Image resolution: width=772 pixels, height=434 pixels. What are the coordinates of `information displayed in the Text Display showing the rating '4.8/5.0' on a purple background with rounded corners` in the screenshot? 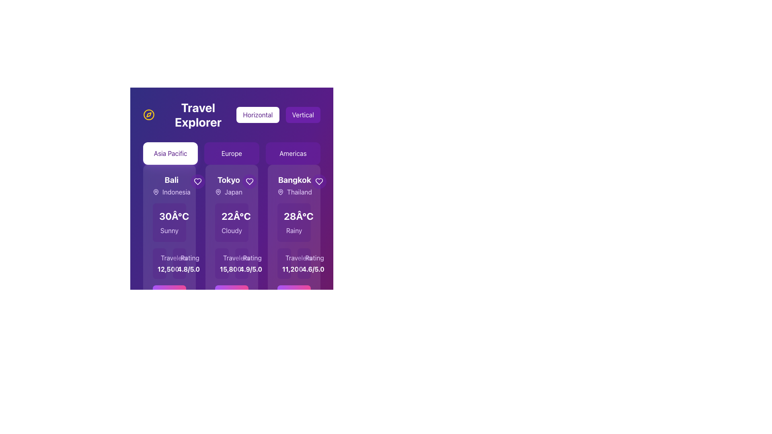 It's located at (179, 263).